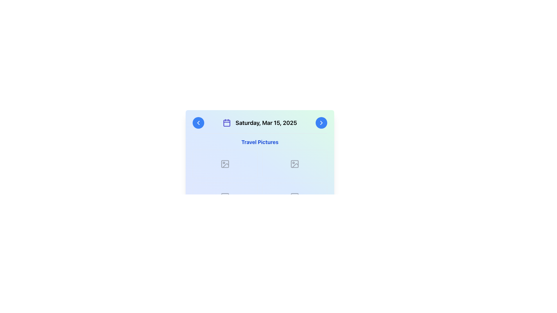 This screenshot has height=313, width=557. I want to click on the rectangular-shaped component with a slight border radius within the calendar-themed SVG icon, located at the upper-middle part of the icon, so click(227, 123).